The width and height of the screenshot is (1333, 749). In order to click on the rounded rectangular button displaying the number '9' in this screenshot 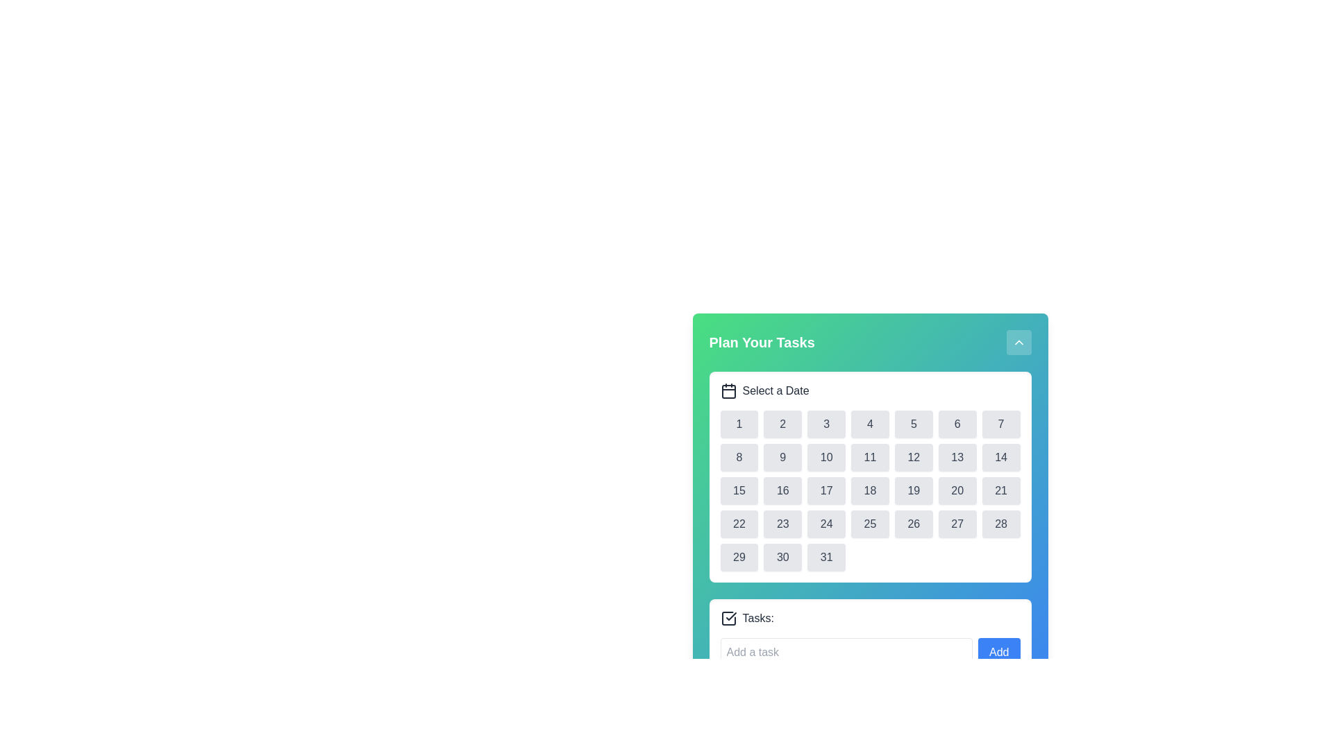, I will do `click(782, 457)`.